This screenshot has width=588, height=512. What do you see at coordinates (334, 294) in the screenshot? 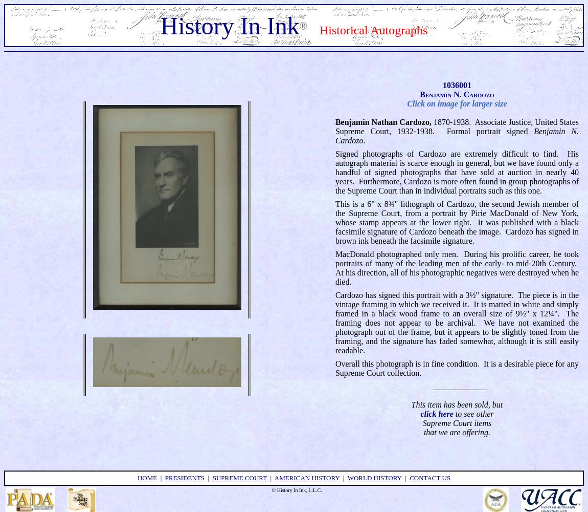
I see `'Cardozo has signed this portrait with a 3'` at bounding box center [334, 294].